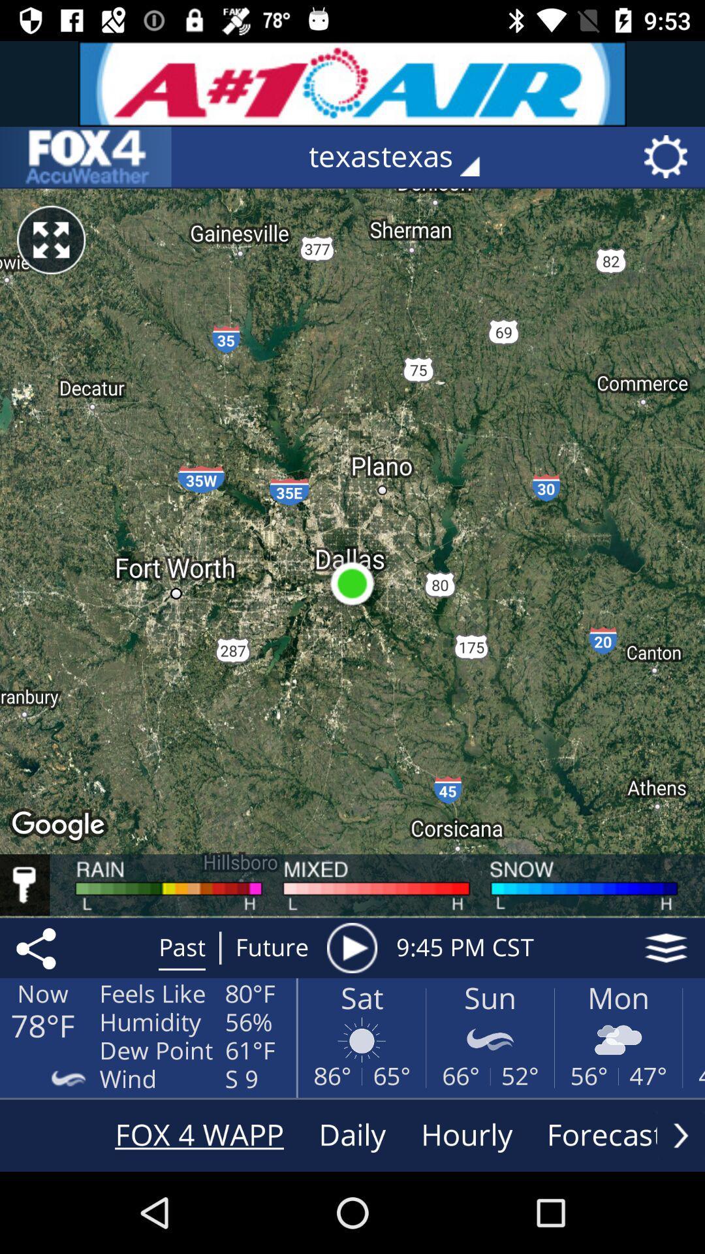 This screenshot has width=705, height=1254. I want to click on the texastexas icon, so click(403, 157).